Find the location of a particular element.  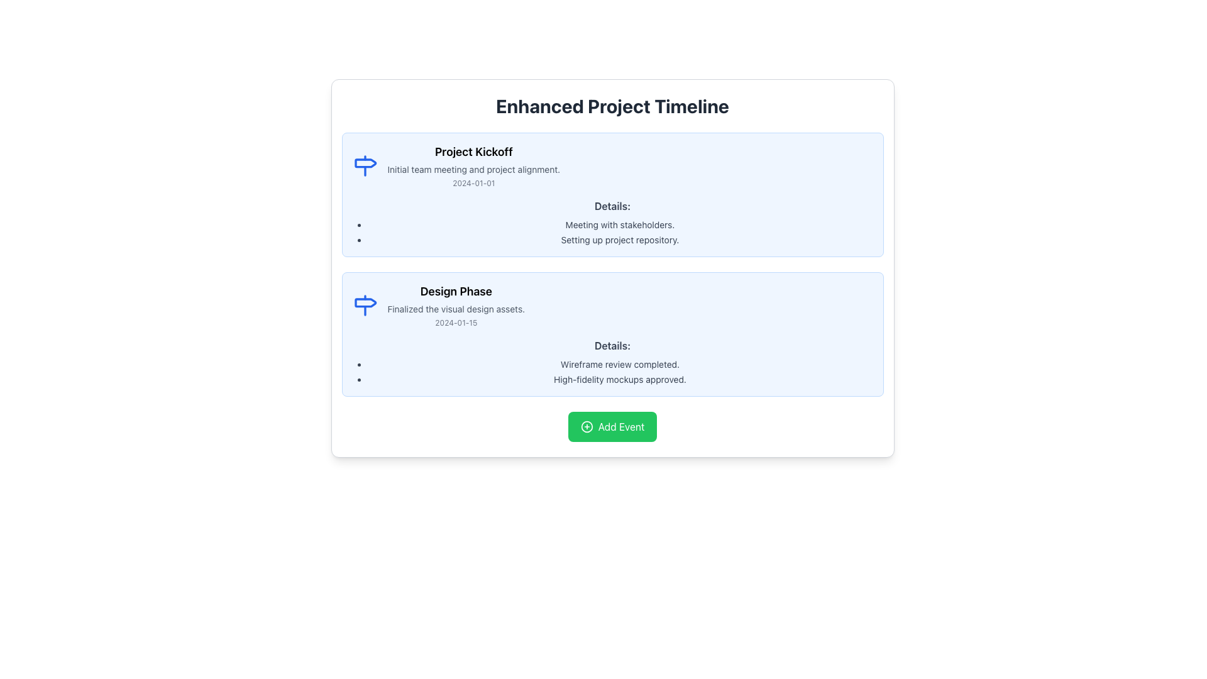

the textual section that provides specifications or progress updates related to the 'Design Phase' of the project timeline, located below the 'Finalized the visual design assets.' text is located at coordinates (612, 362).